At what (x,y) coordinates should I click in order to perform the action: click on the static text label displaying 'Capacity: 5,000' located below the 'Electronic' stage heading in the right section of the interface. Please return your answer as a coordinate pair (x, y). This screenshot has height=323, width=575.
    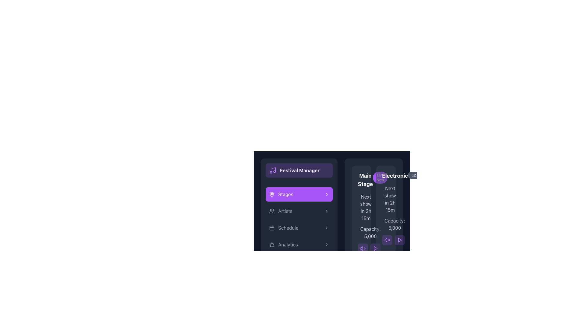
    Looking at the image, I should click on (395, 224).